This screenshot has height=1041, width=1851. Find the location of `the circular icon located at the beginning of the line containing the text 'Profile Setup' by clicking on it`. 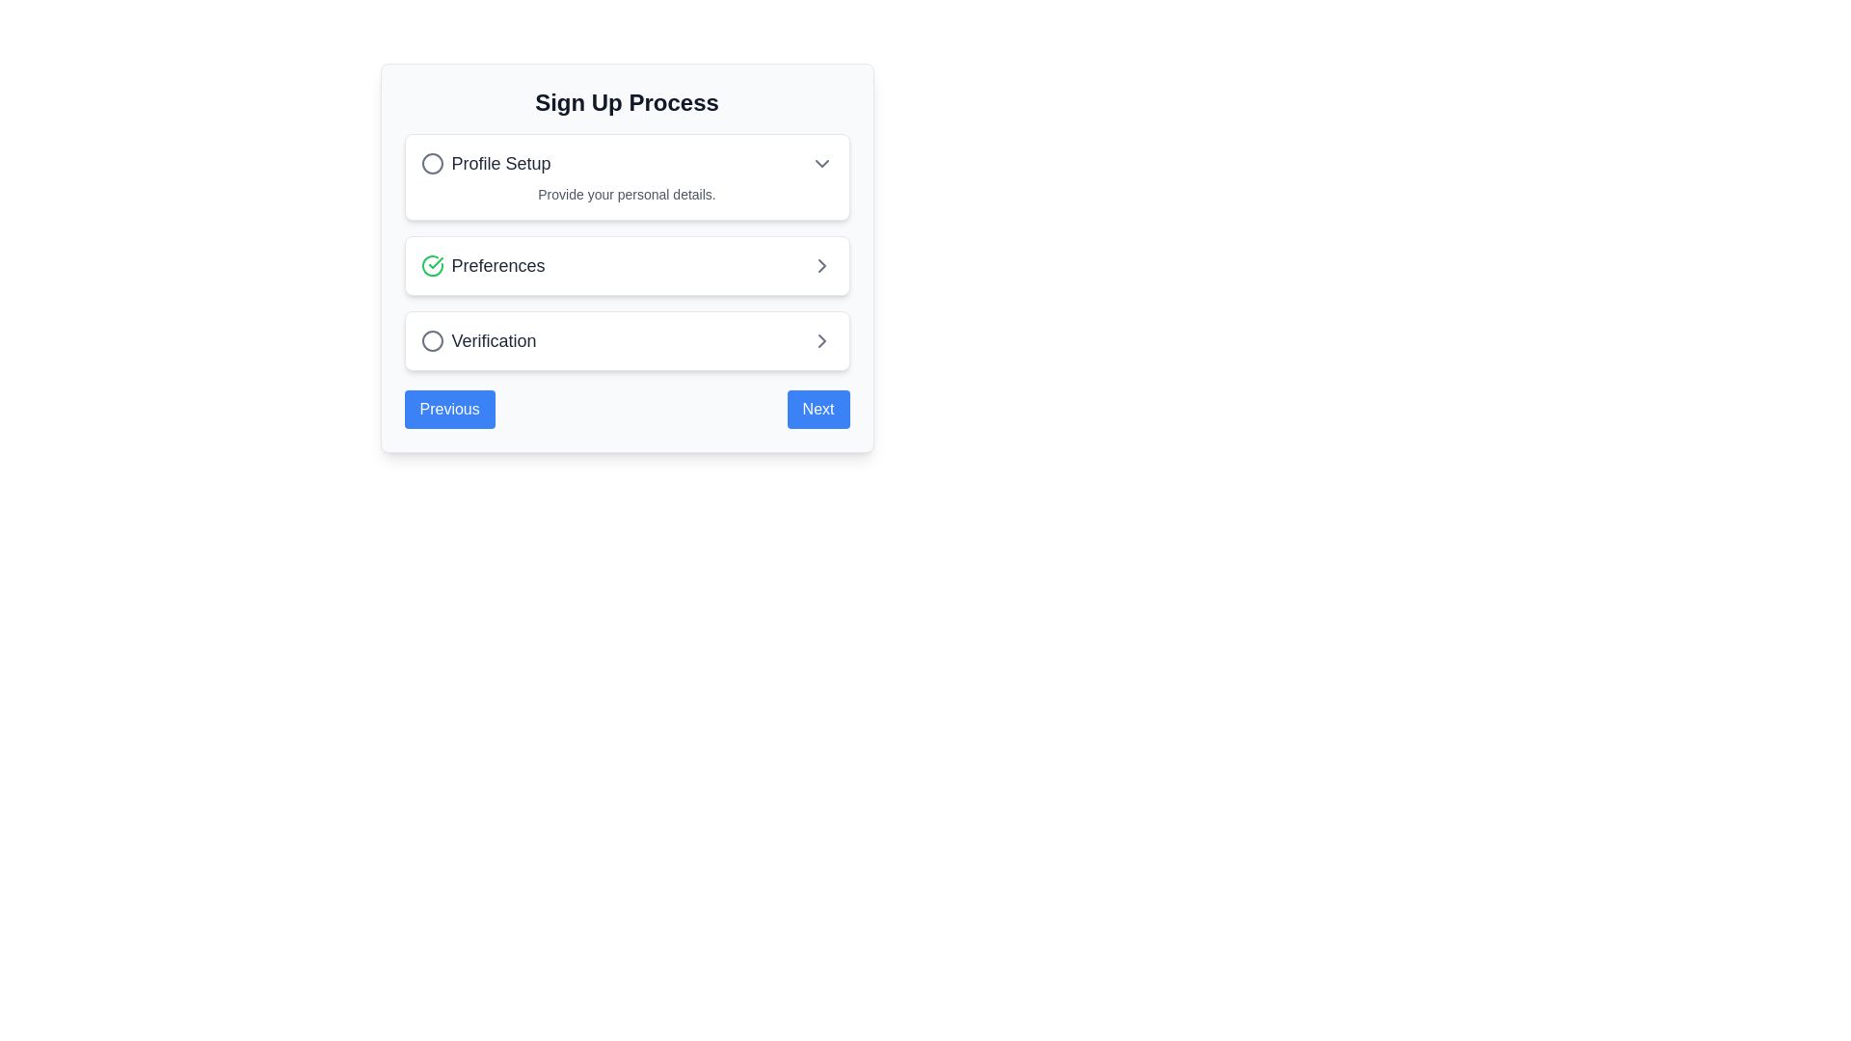

the circular icon located at the beginning of the line containing the text 'Profile Setup' by clicking on it is located at coordinates (431, 162).